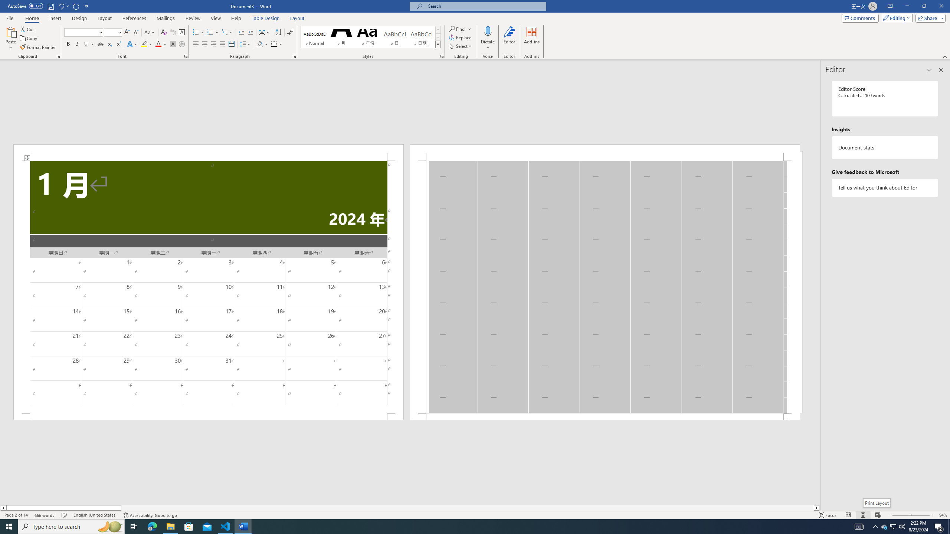 This screenshot has width=950, height=534. I want to click on 'Align Left', so click(196, 44).